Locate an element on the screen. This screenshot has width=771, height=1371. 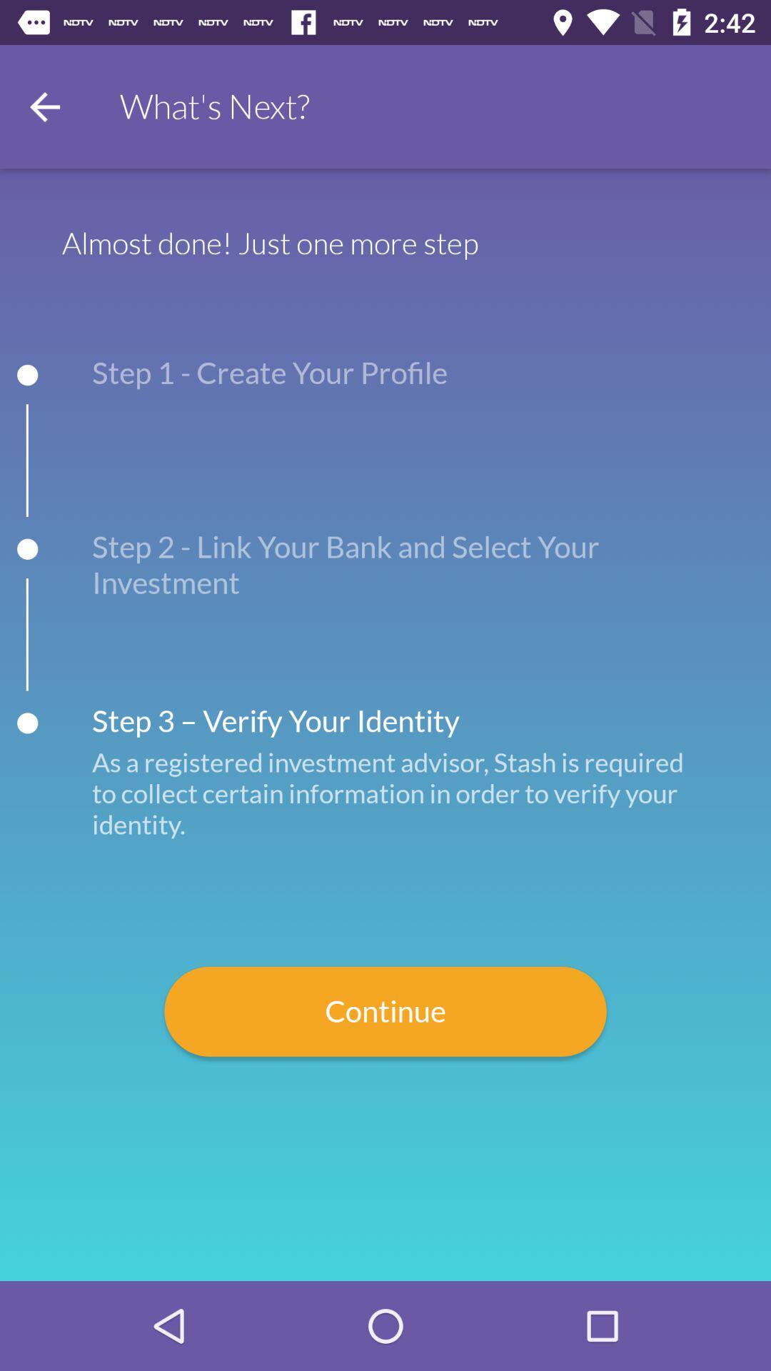
previous is located at coordinates (44, 106).